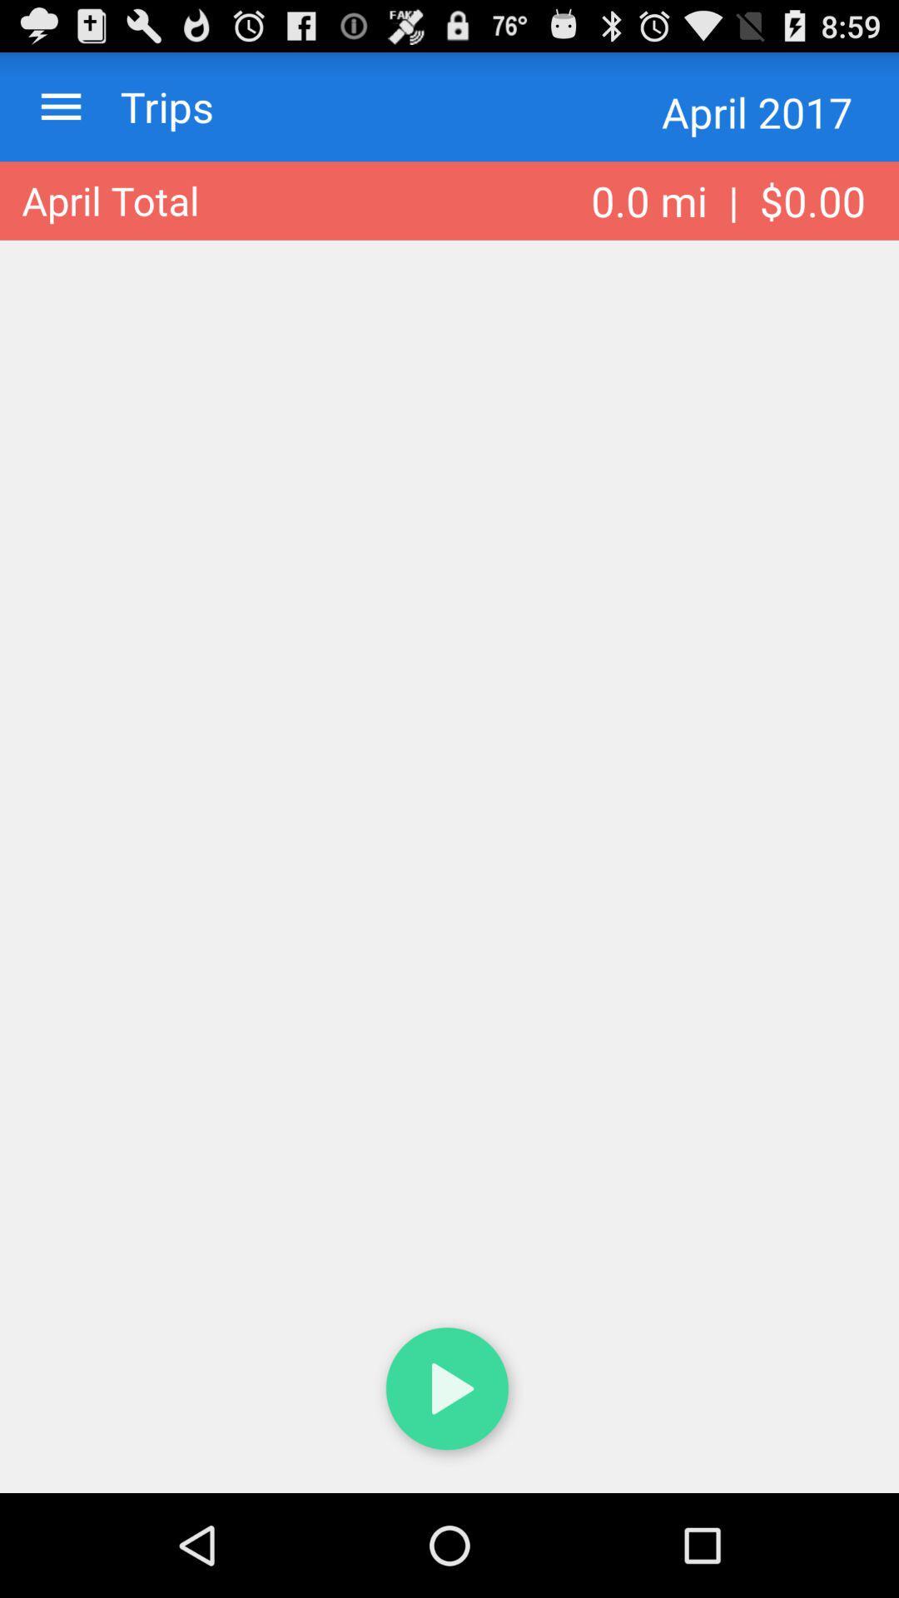 The height and width of the screenshot is (1598, 899). What do you see at coordinates (151, 106) in the screenshot?
I see `app above the april total app` at bounding box center [151, 106].